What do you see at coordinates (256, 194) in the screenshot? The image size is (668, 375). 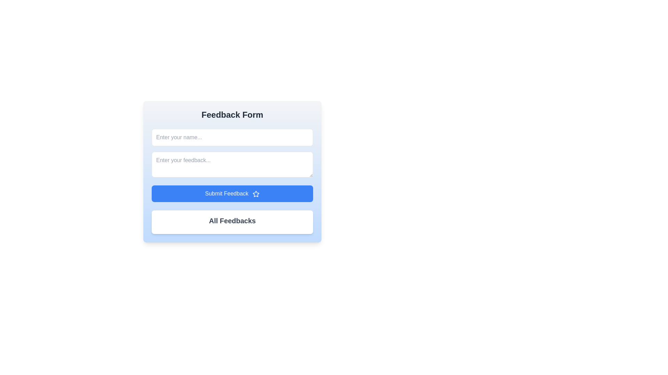 I see `the star icon located to the right of the 'Submit Feedback' text on the blue button` at bounding box center [256, 194].